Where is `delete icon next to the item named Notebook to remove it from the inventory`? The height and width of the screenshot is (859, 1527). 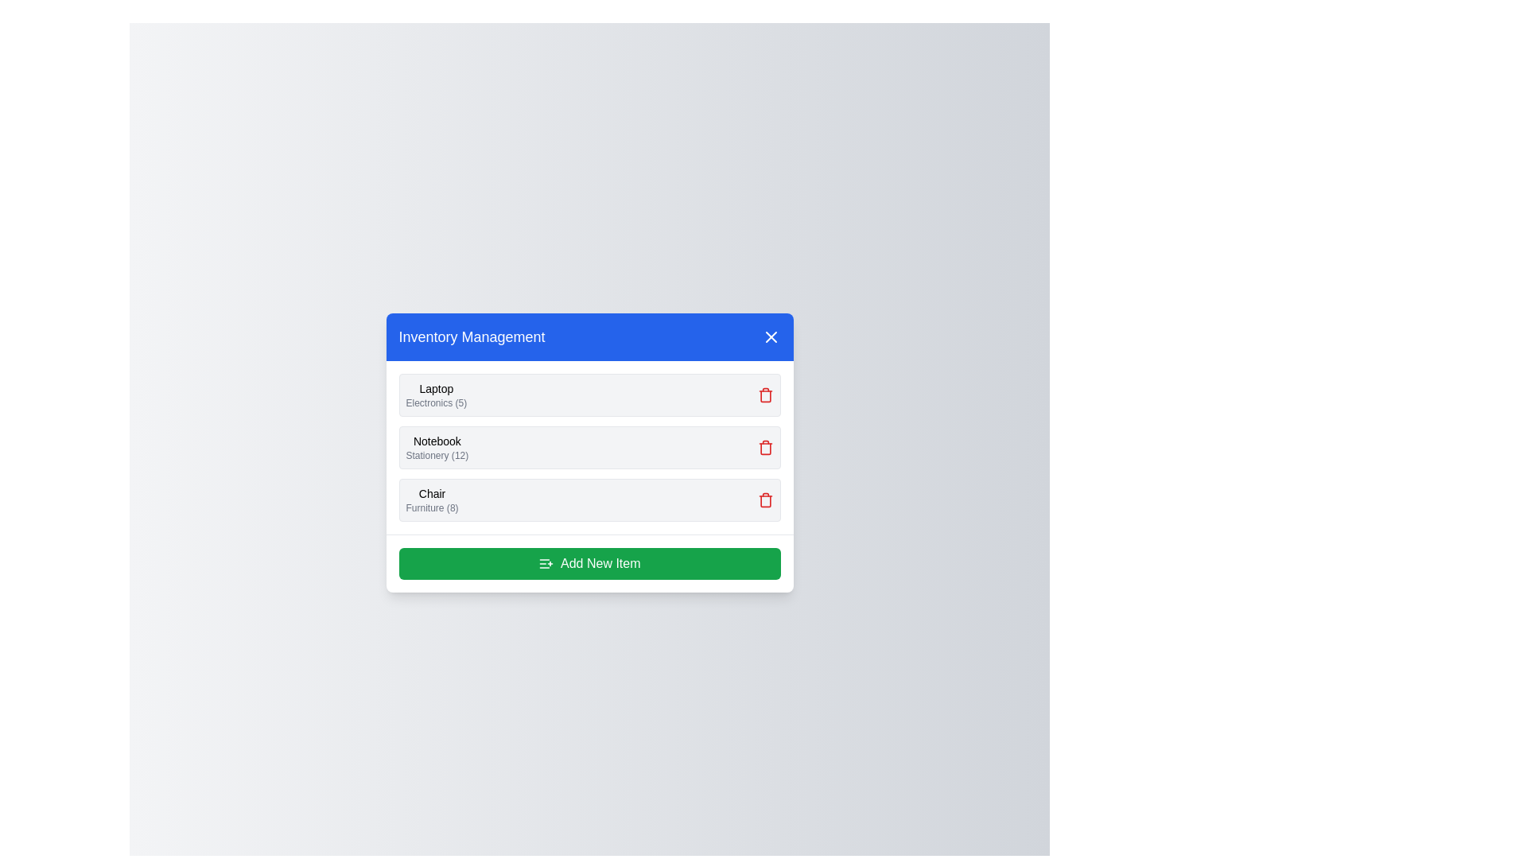 delete icon next to the item named Notebook to remove it from the inventory is located at coordinates (765, 447).